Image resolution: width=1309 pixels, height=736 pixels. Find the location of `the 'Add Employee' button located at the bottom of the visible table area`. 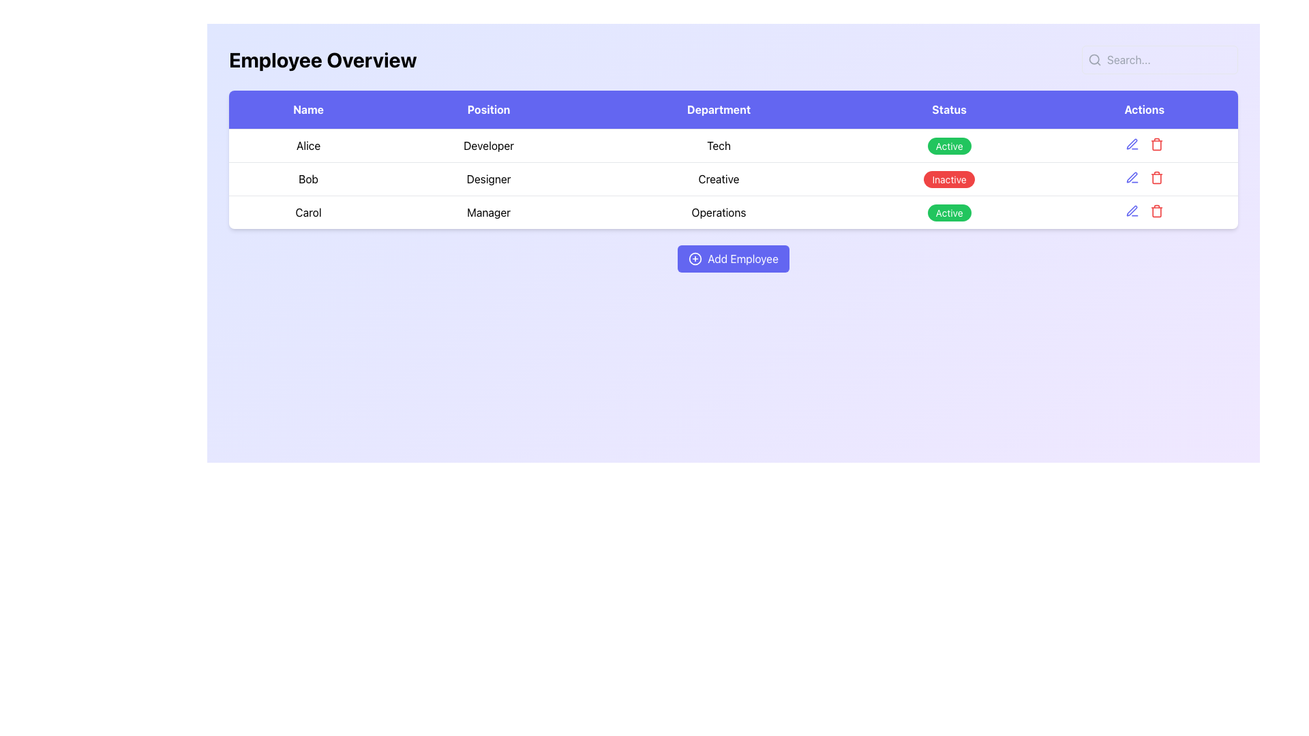

the 'Add Employee' button located at the bottom of the visible table area is located at coordinates (732, 259).